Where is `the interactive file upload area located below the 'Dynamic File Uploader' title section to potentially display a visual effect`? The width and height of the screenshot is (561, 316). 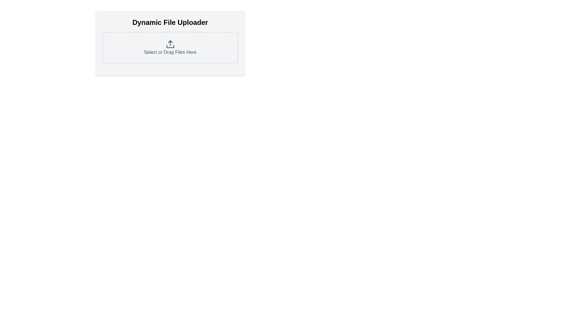 the interactive file upload area located below the 'Dynamic File Uploader' title section to potentially display a visual effect is located at coordinates (170, 42).